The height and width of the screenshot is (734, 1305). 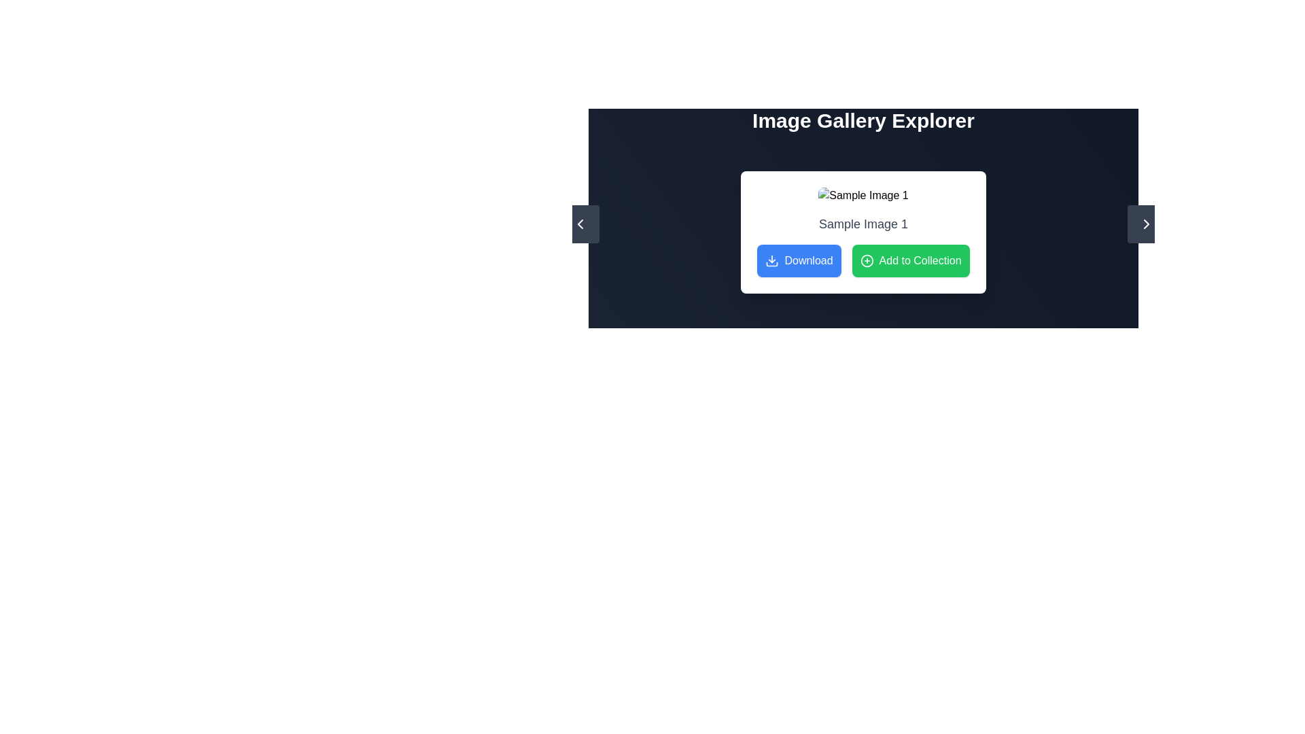 I want to click on the circular '+' icon with a green background, located to the left of the 'Add to Collection' button, so click(x=866, y=261).